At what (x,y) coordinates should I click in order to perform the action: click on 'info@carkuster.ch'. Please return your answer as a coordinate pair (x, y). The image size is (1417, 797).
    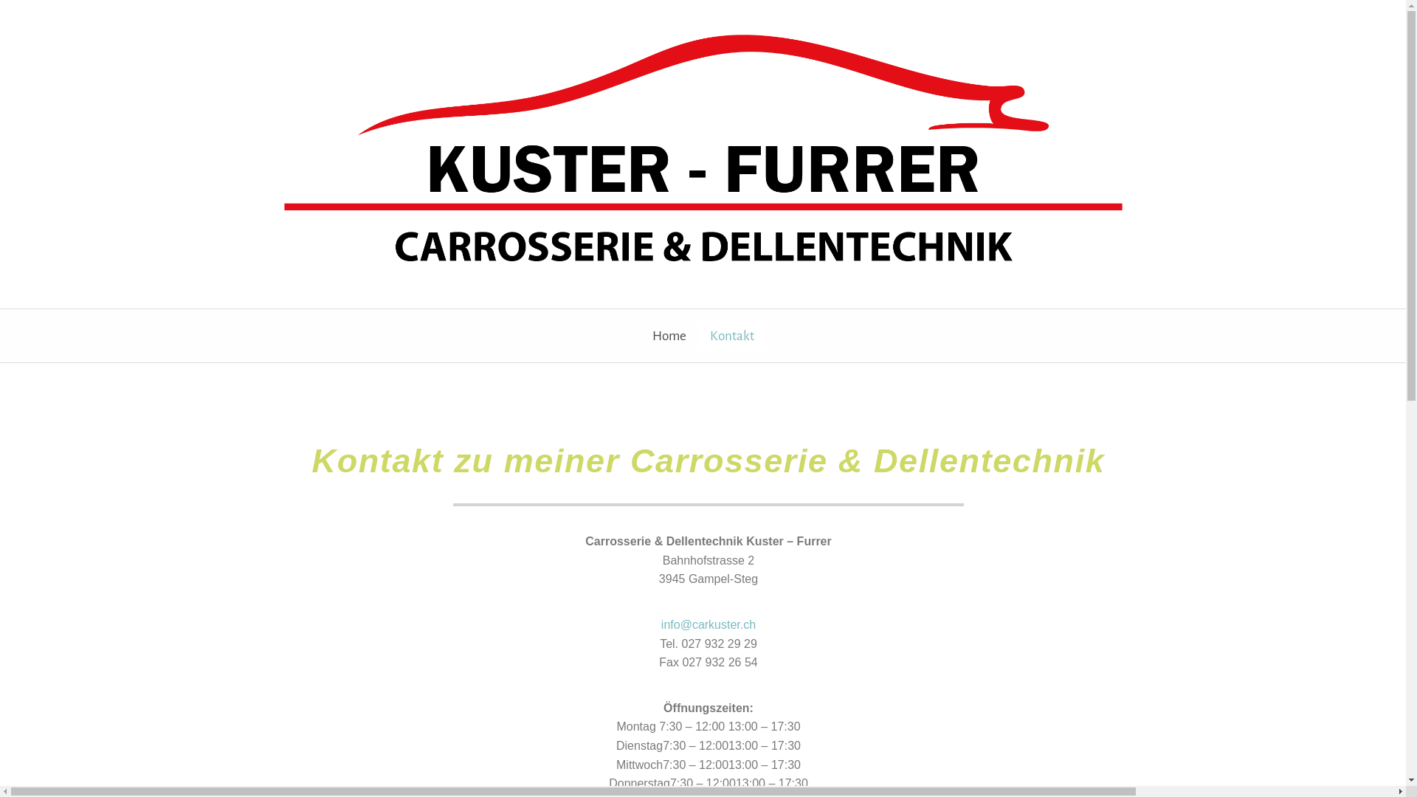
    Looking at the image, I should click on (708, 624).